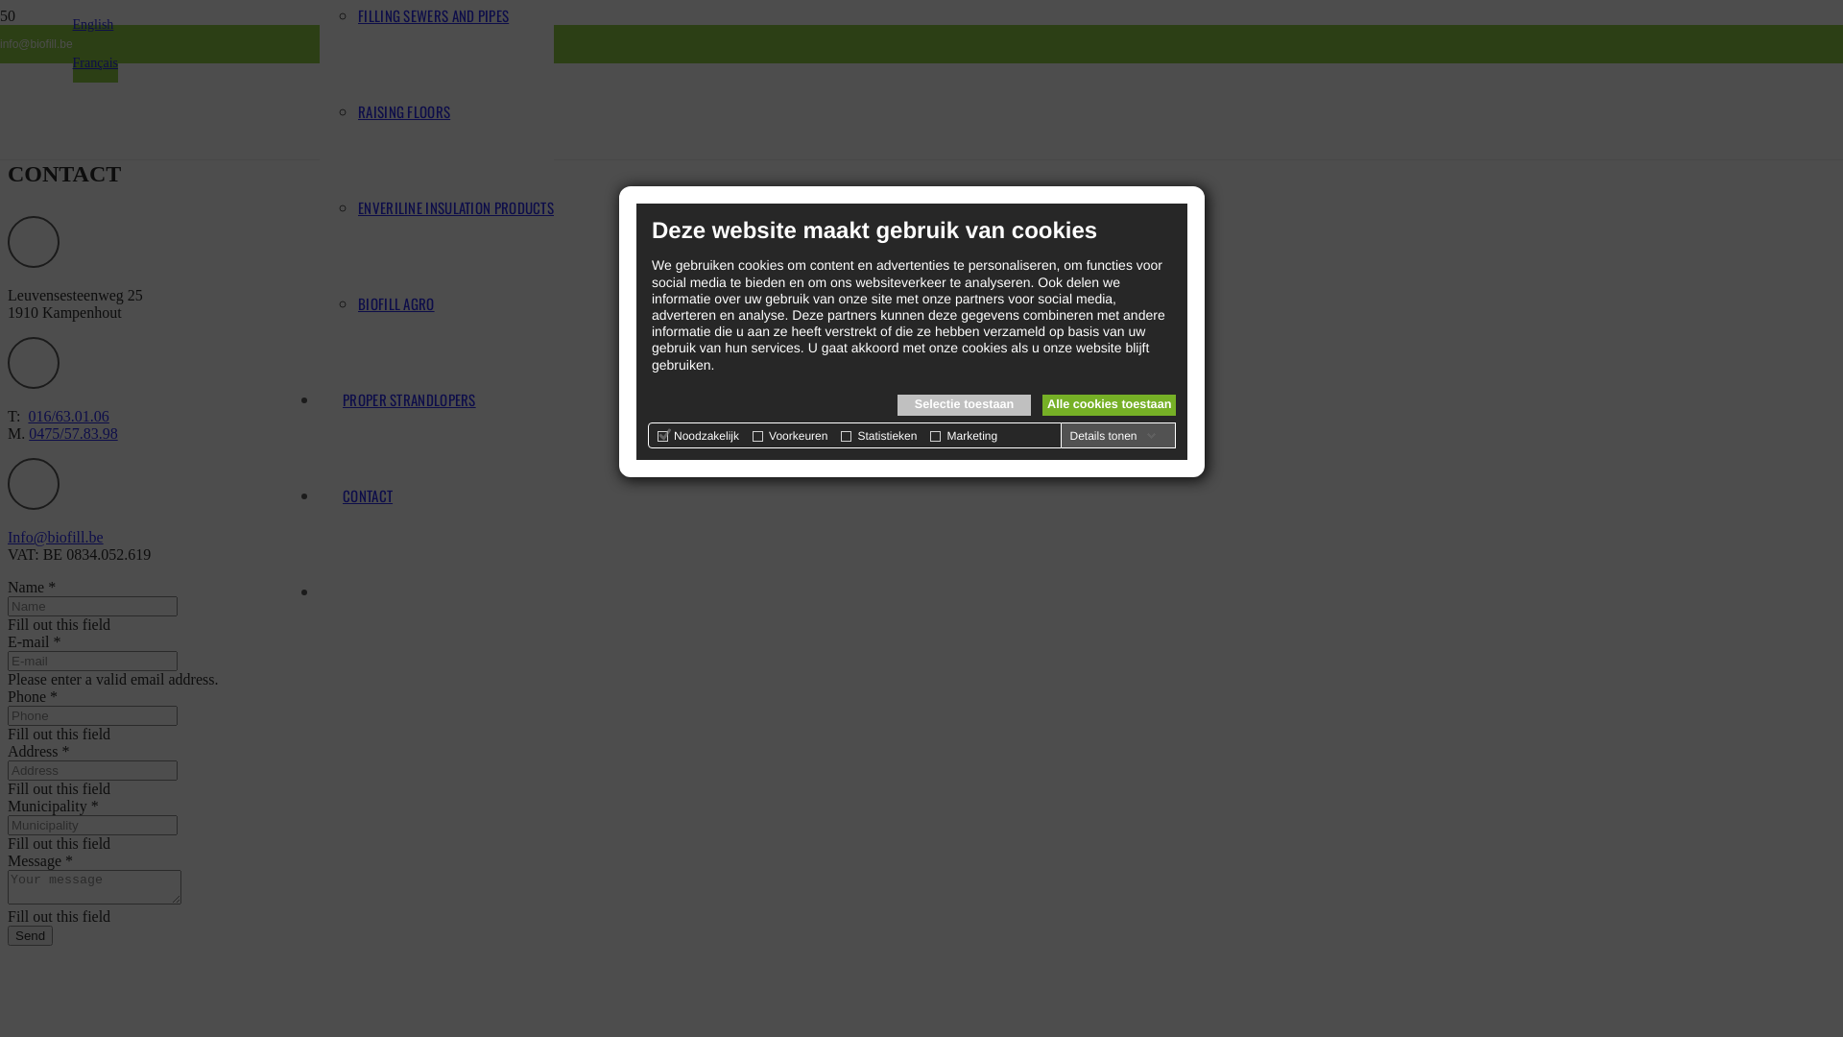  Describe the element at coordinates (455, 207) in the screenshot. I see `'ENVERILINE INSULATION PRODUCTS'` at that location.